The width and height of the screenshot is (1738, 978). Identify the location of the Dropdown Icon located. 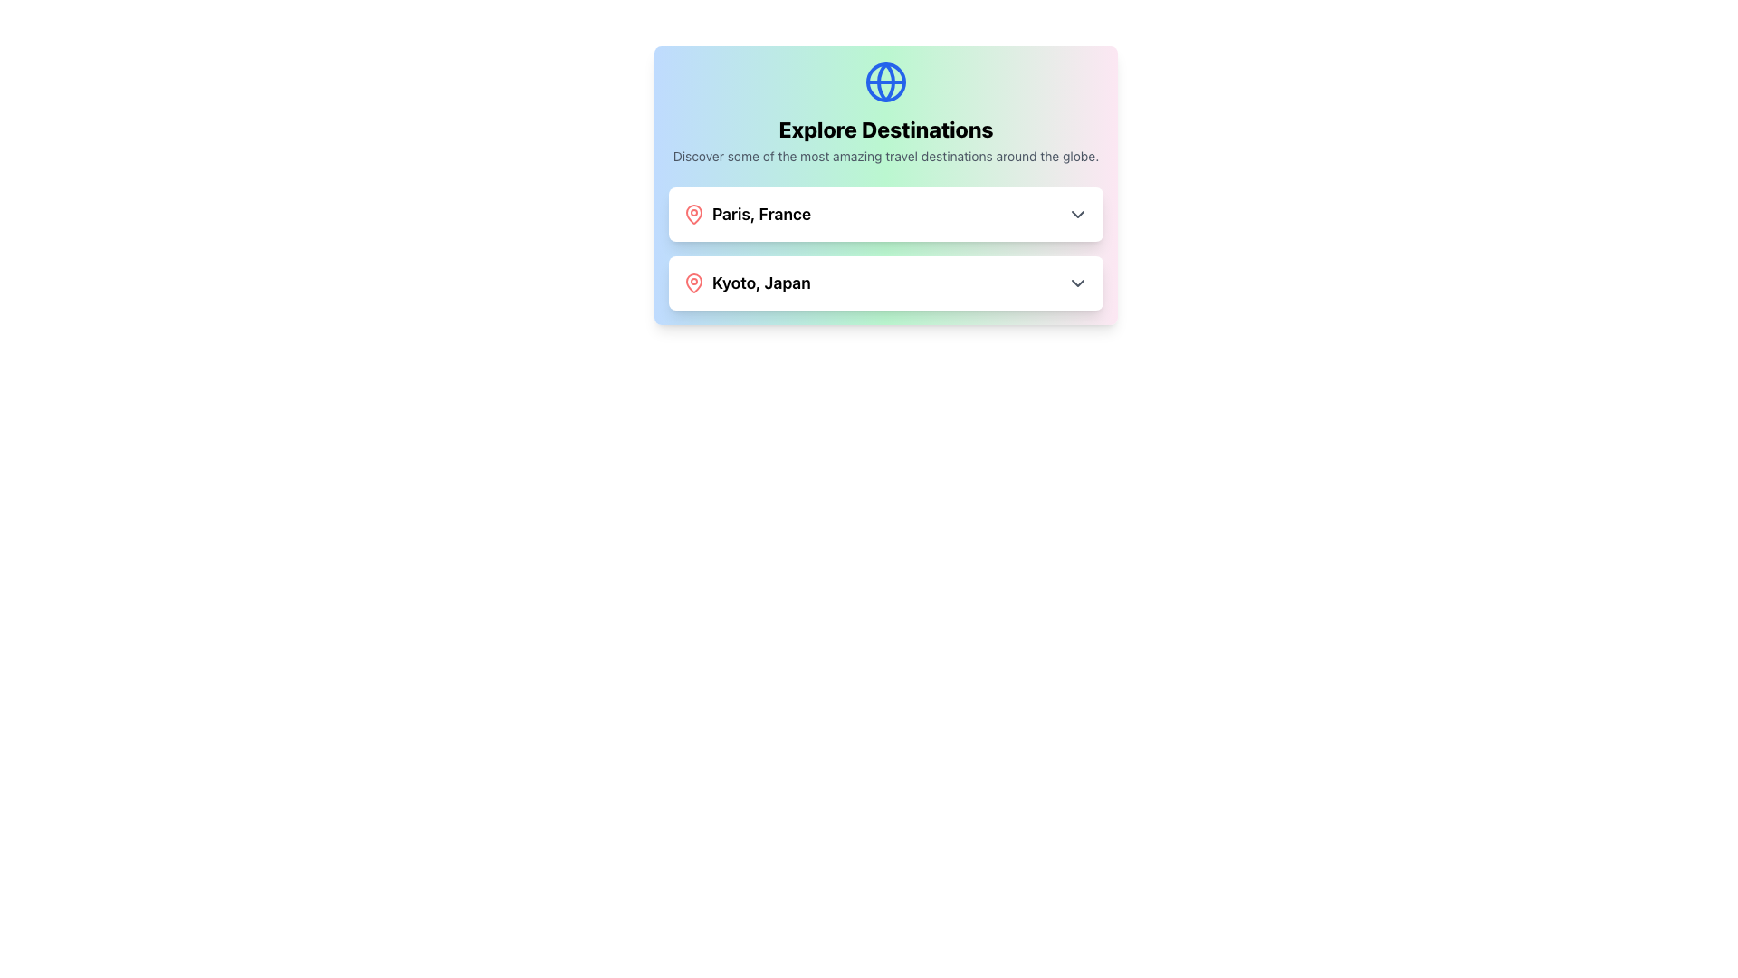
(1077, 213).